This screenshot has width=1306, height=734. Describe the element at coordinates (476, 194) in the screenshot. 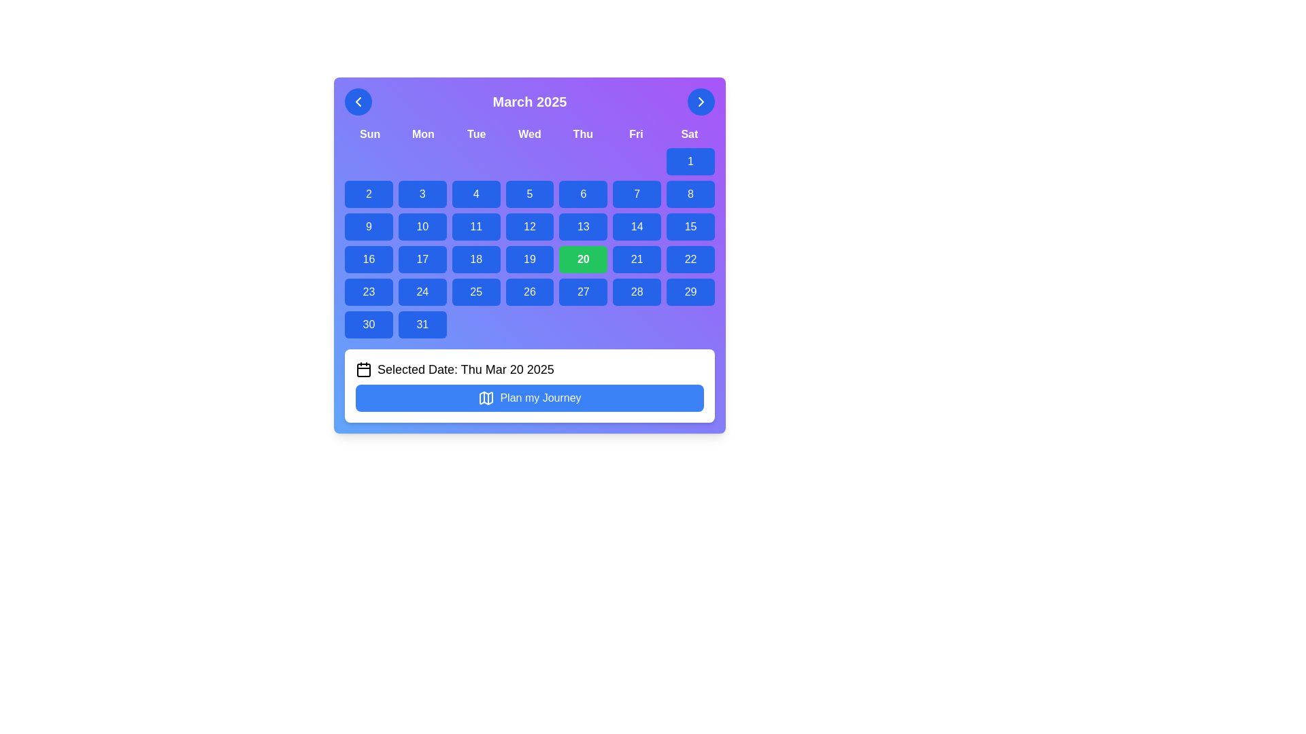

I see `the blue rectangular button with rounded corners displaying the number '4' in white text, representing Tuesday, March 4th` at that location.